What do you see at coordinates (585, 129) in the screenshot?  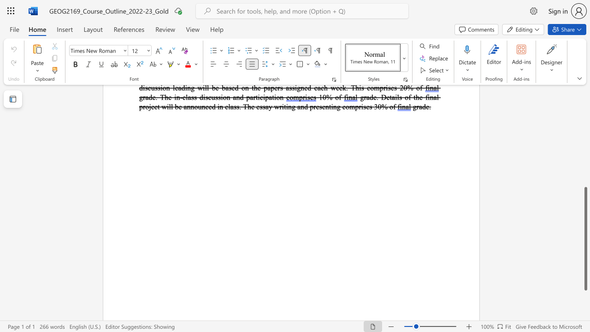 I see `the scrollbar` at bounding box center [585, 129].